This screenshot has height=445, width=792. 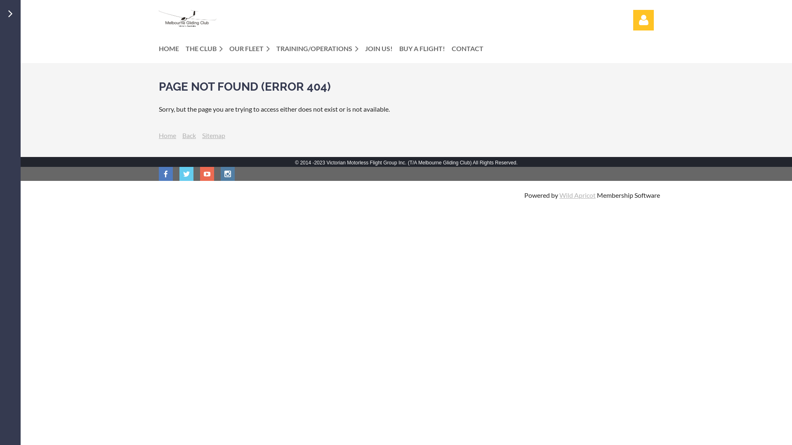 What do you see at coordinates (214, 135) in the screenshot?
I see `'Sitemap'` at bounding box center [214, 135].